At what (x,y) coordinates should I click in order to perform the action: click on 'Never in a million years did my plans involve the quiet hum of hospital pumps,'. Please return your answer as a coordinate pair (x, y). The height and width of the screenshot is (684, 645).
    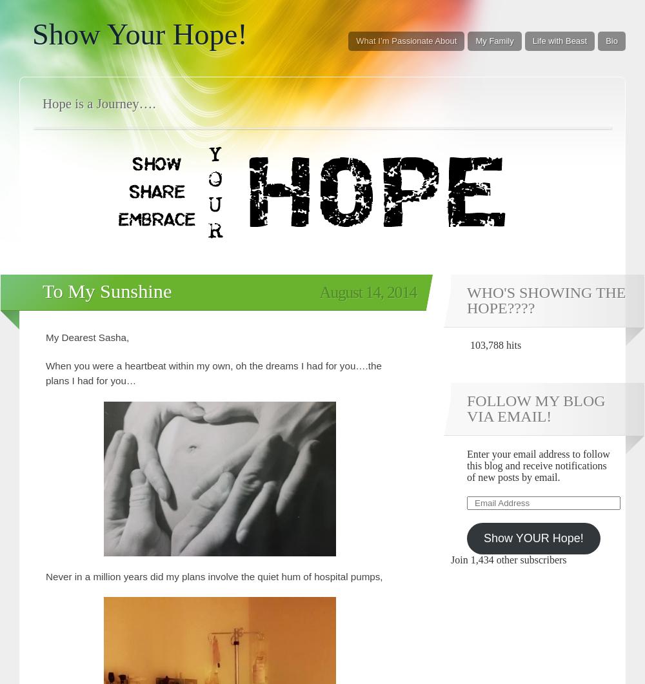
    Looking at the image, I should click on (213, 575).